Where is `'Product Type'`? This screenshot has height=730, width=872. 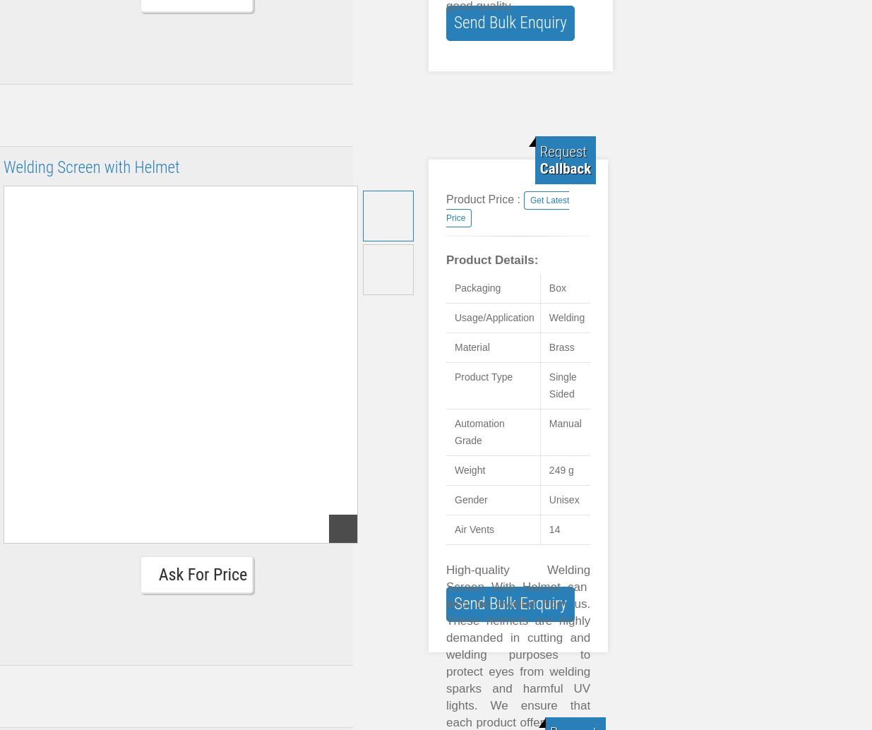
'Product Type' is located at coordinates (484, 376).